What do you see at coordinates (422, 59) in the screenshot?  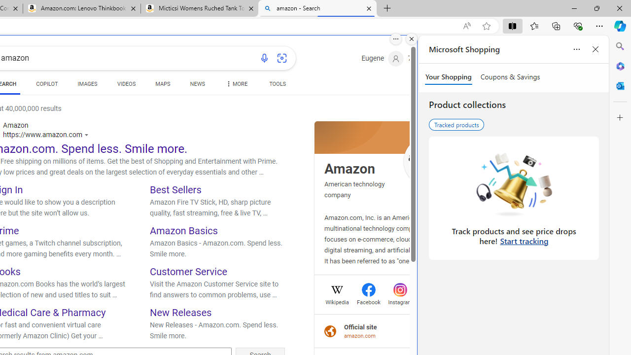 I see `'Microsoft Rewards 72'` at bounding box center [422, 59].